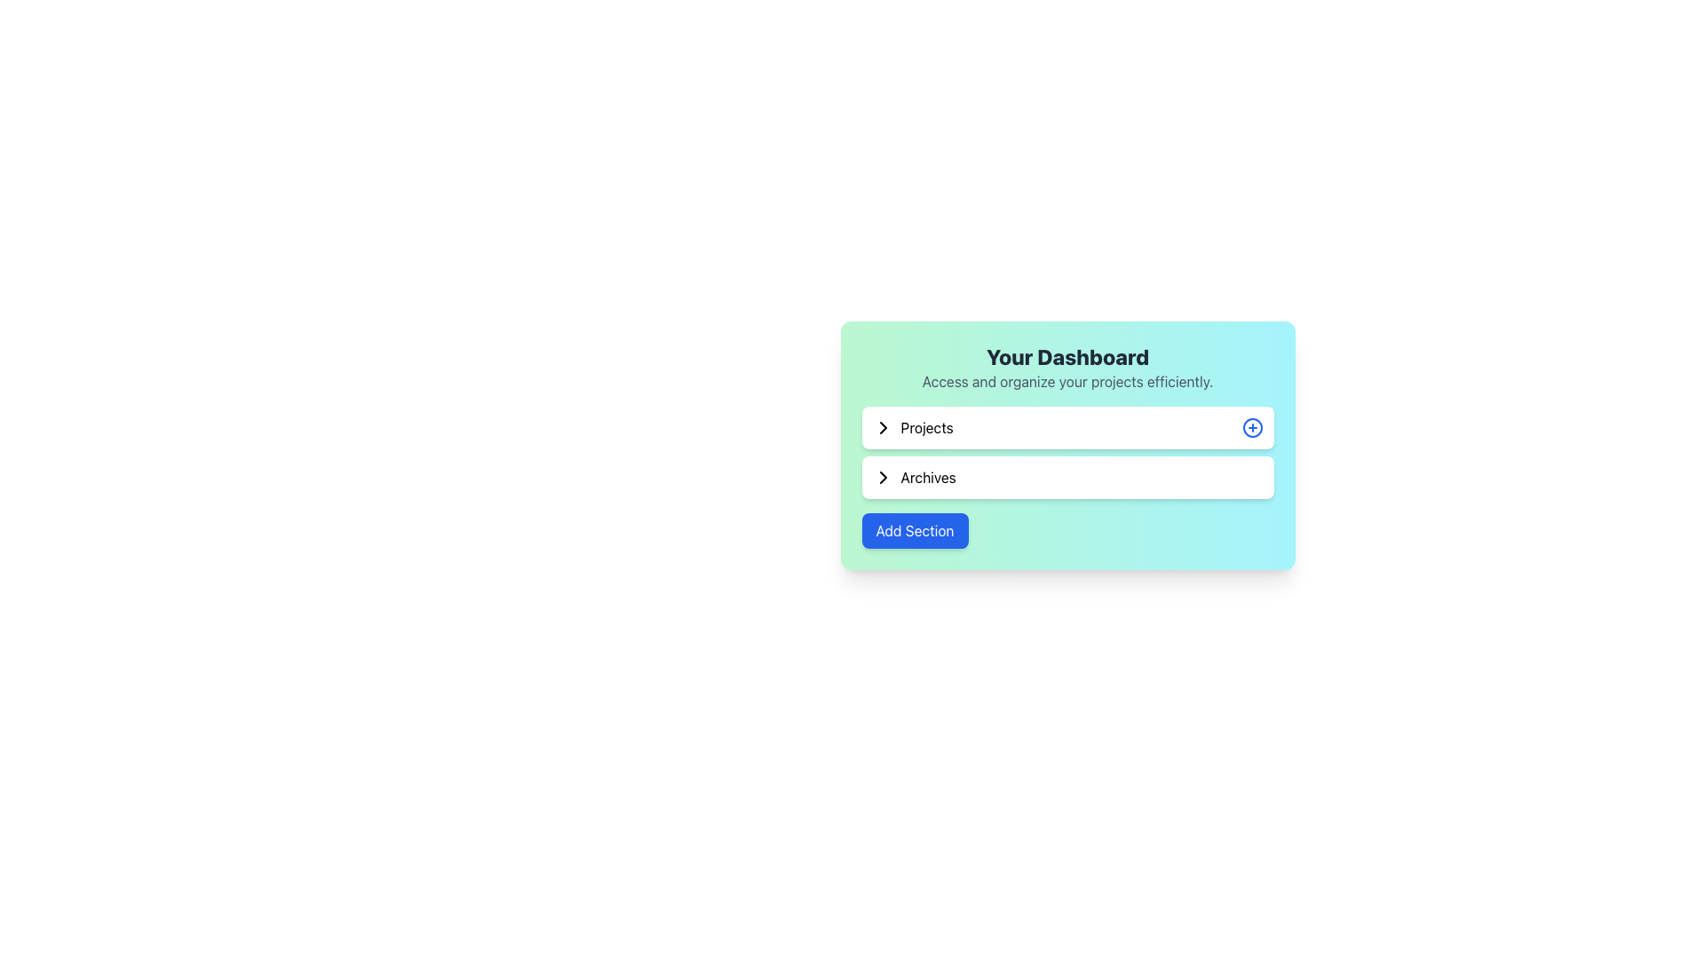  What do you see at coordinates (914, 476) in the screenshot?
I see `the 'Archives' label with a left-pointing chevron icon, located under 'Your Dashboard'` at bounding box center [914, 476].